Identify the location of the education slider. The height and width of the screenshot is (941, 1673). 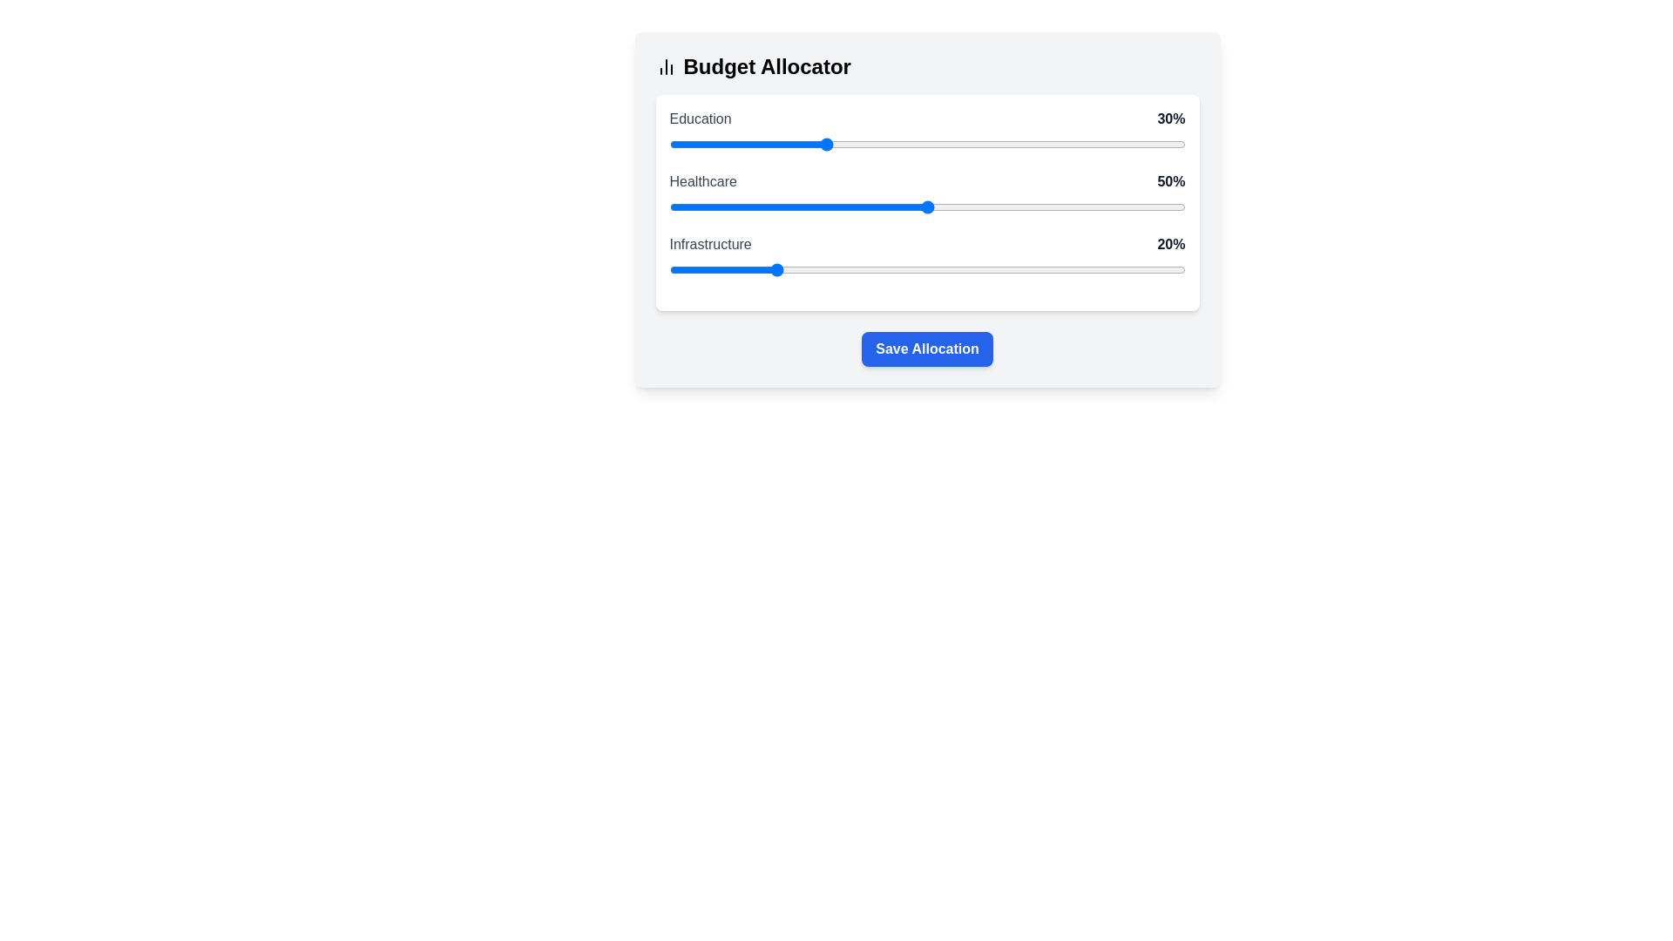
(855, 143).